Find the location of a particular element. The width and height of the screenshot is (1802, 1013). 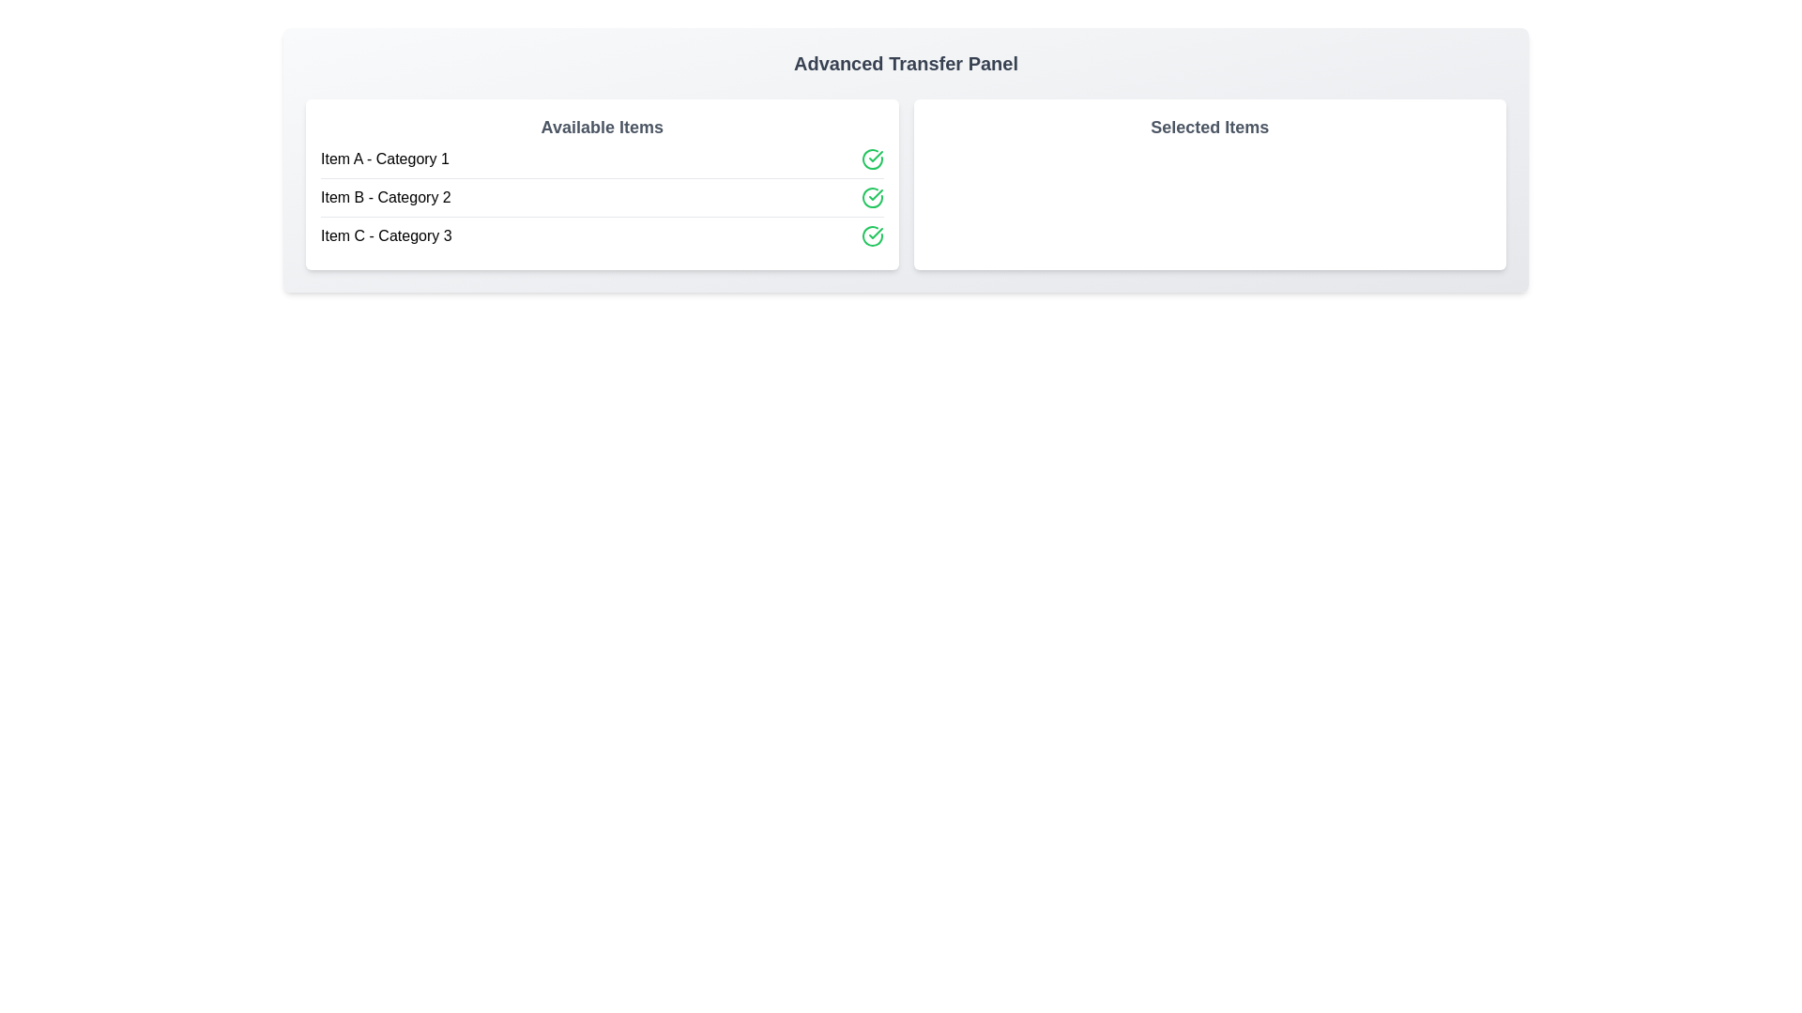

the second text label in the 'Available Items' list is located at coordinates (385, 198).